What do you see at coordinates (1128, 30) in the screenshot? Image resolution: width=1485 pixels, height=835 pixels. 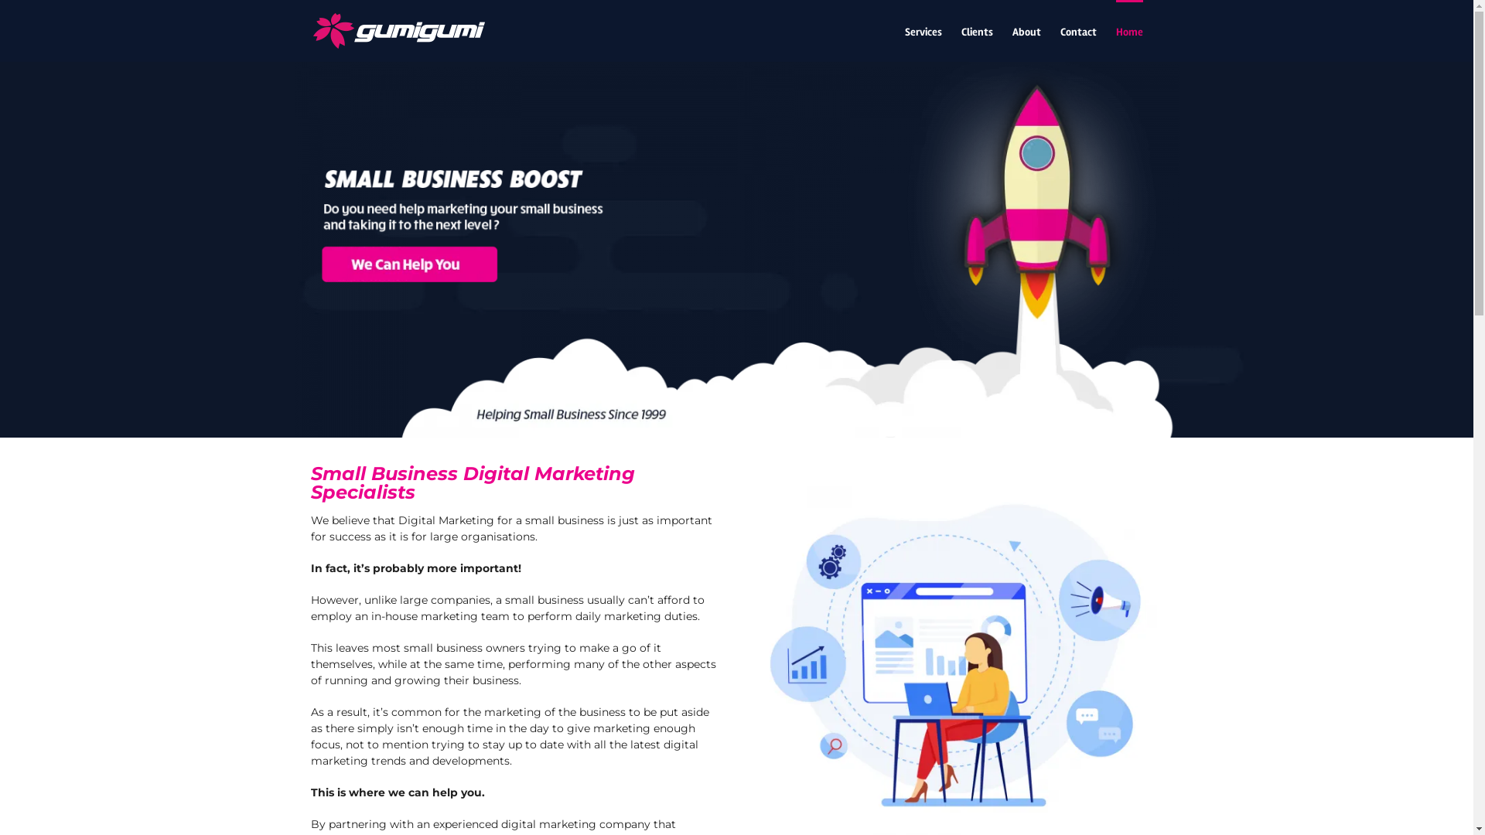 I see `'Home'` at bounding box center [1128, 30].